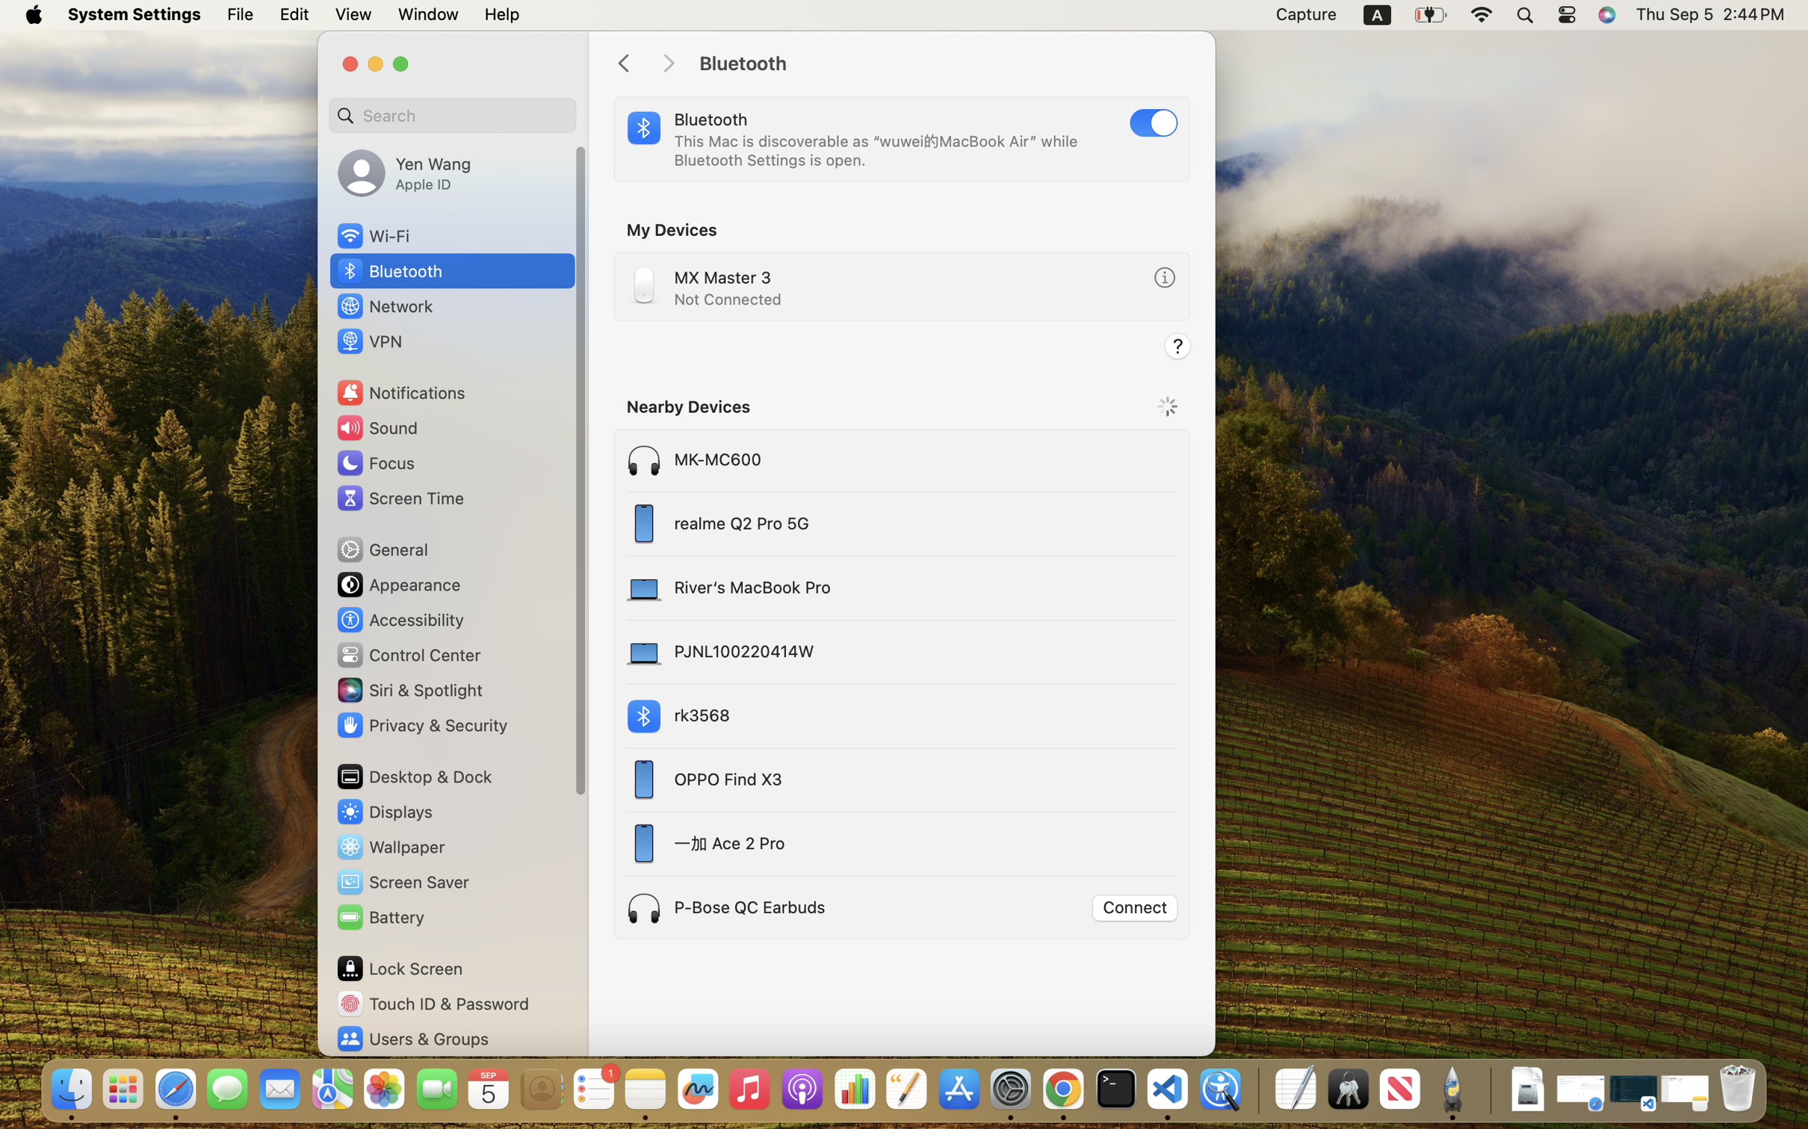  Describe the element at coordinates (407, 688) in the screenshot. I see `'Siri & Spotlight'` at that location.